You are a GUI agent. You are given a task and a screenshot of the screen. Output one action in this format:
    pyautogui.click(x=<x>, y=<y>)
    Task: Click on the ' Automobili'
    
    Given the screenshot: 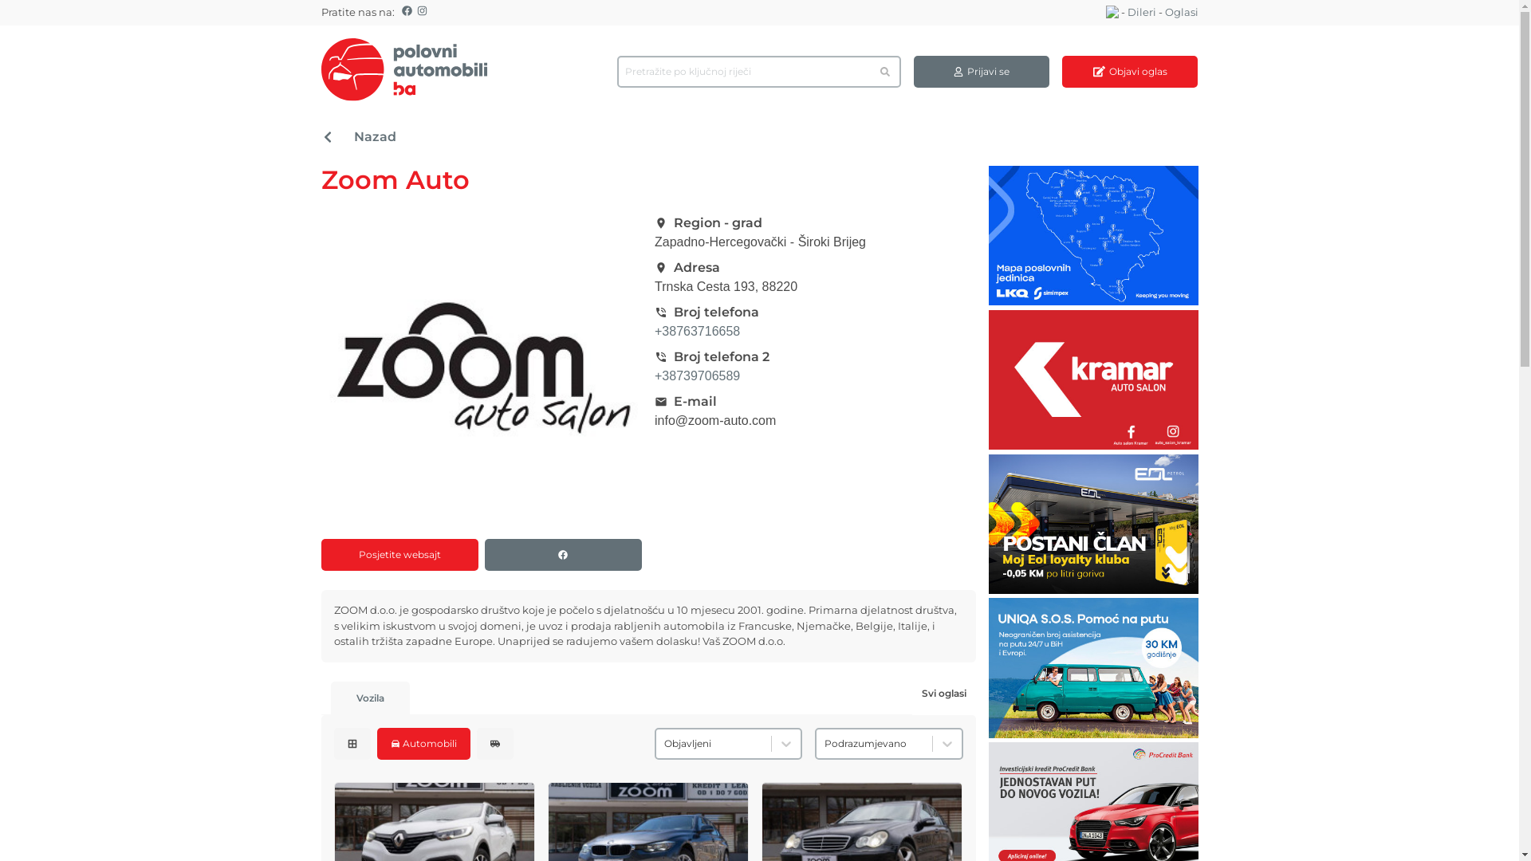 What is the action you would take?
    pyautogui.click(x=375, y=743)
    